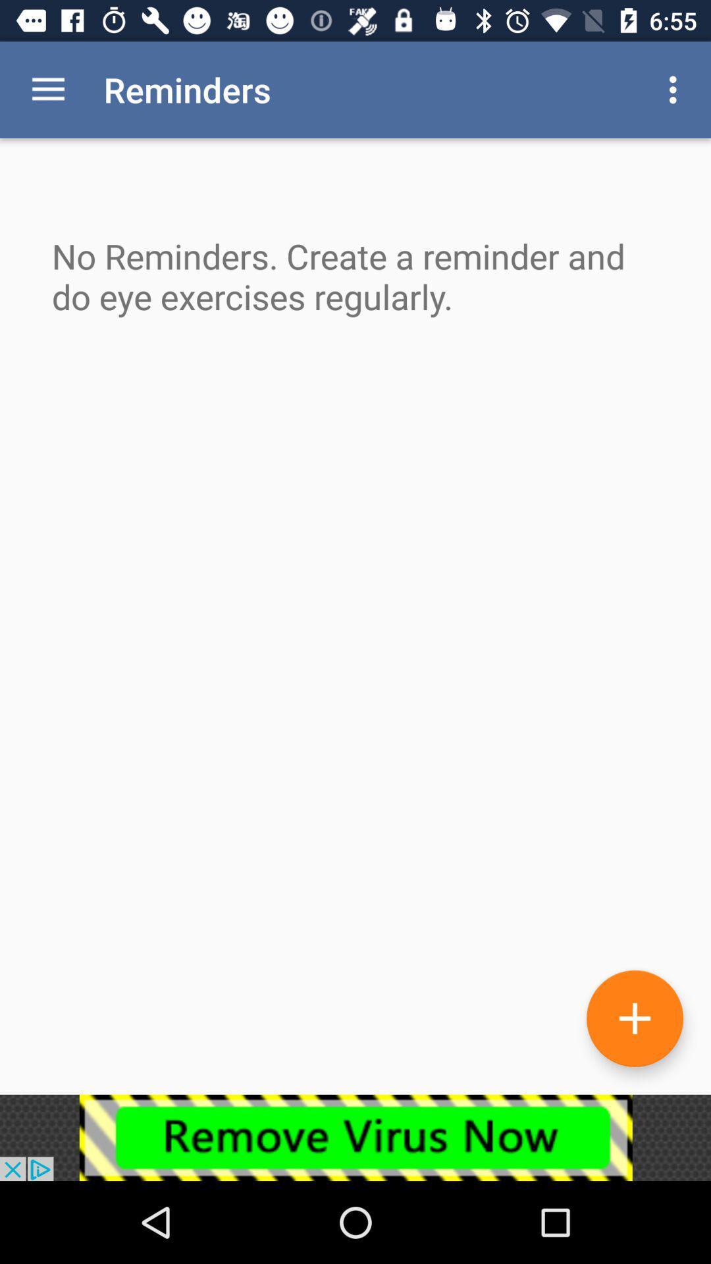  I want to click on open advertisement, so click(355, 1137).